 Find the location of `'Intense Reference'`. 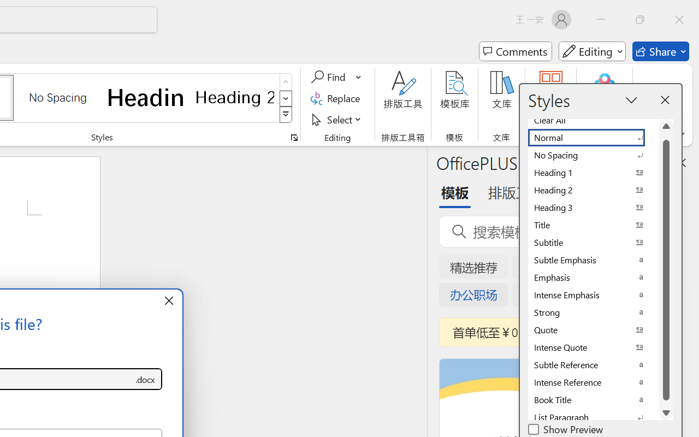

'Intense Reference' is located at coordinates (593, 382).